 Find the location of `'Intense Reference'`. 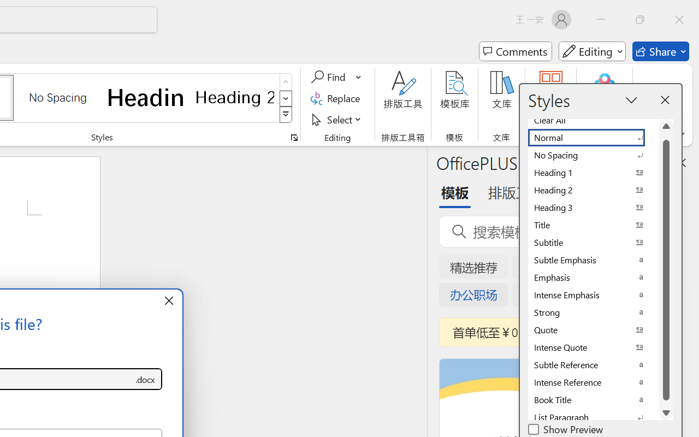

'Intense Reference' is located at coordinates (593, 382).